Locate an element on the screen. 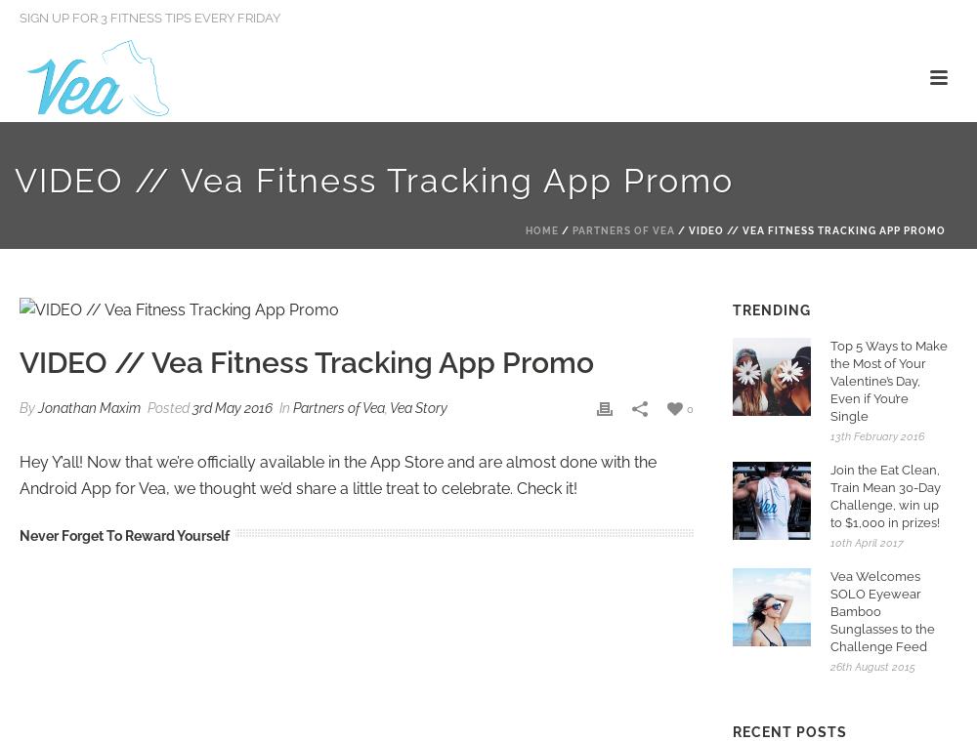 Image resolution: width=977 pixels, height=741 pixels. 'Recent Posts' is located at coordinates (789, 731).